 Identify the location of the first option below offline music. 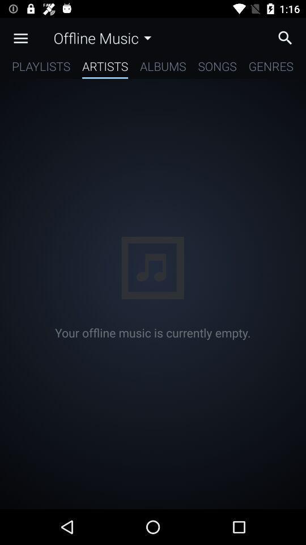
(40, 68).